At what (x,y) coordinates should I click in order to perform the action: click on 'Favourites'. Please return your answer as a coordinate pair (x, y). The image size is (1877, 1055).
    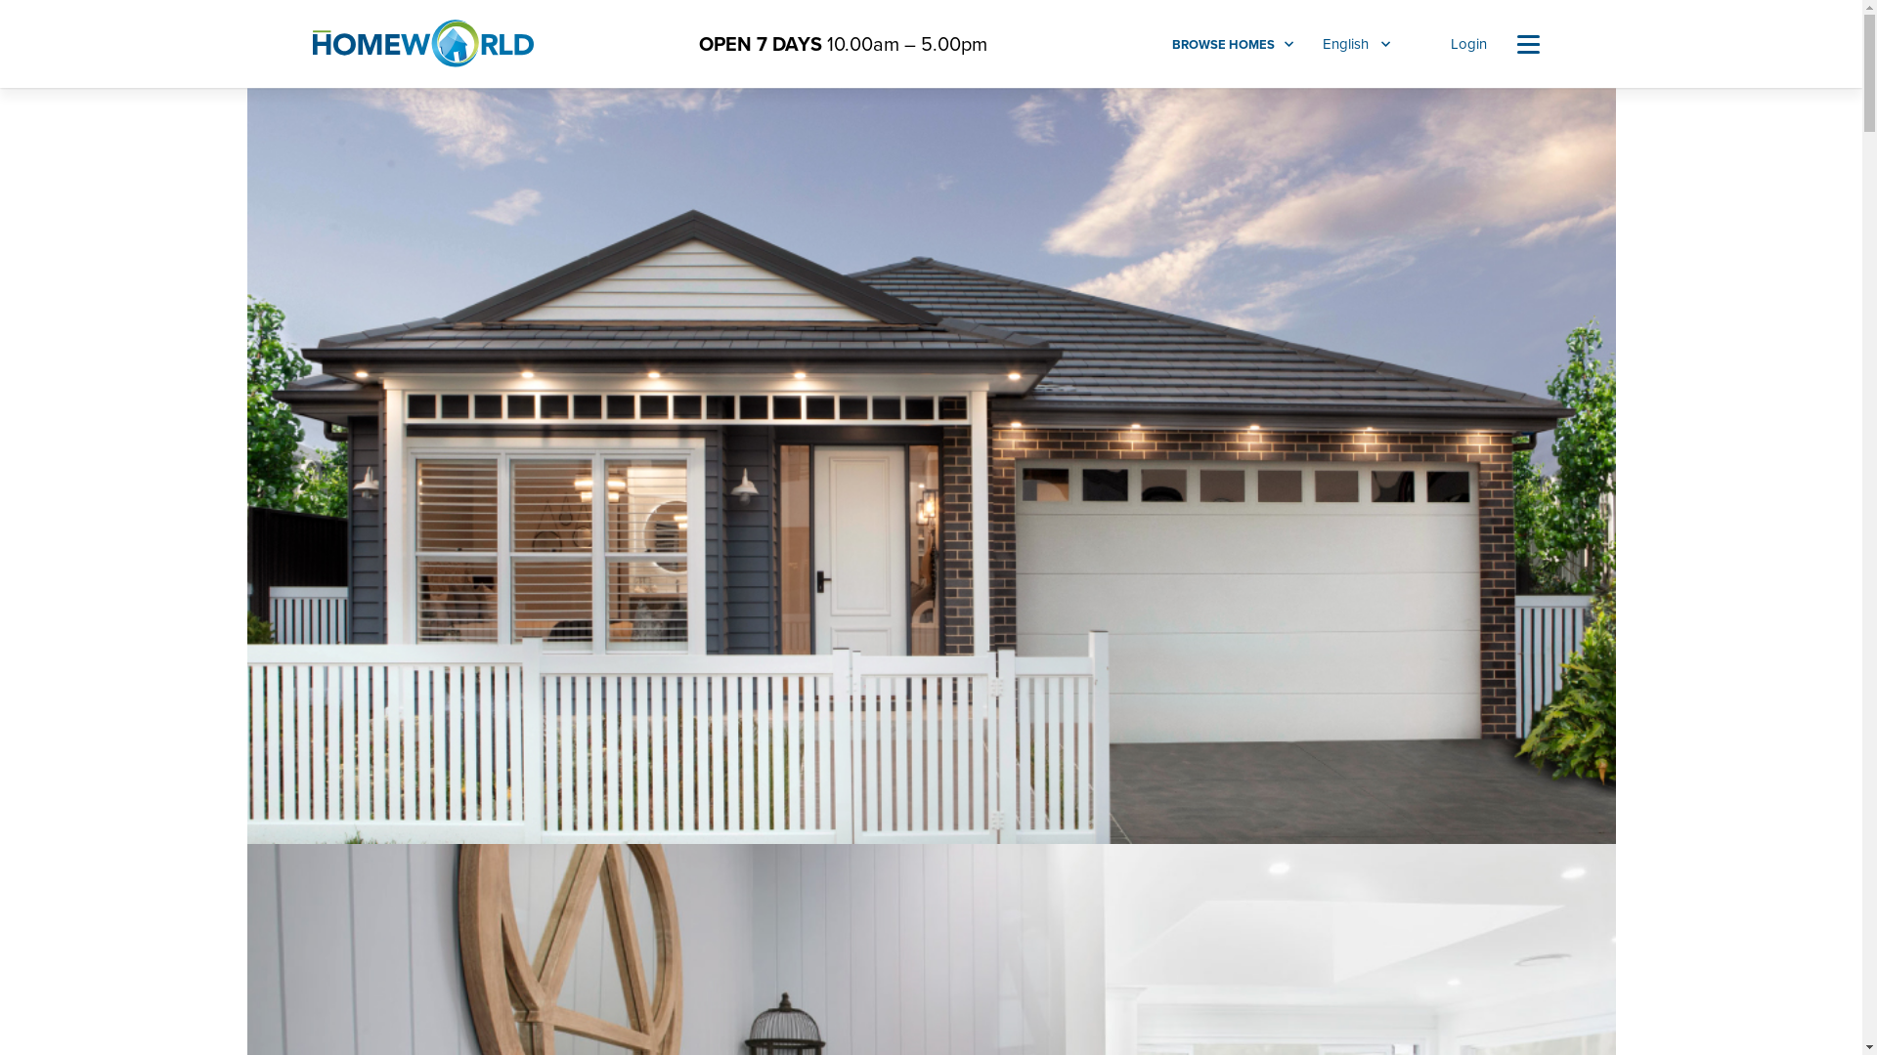
    Looking at the image, I should click on (1409, 44).